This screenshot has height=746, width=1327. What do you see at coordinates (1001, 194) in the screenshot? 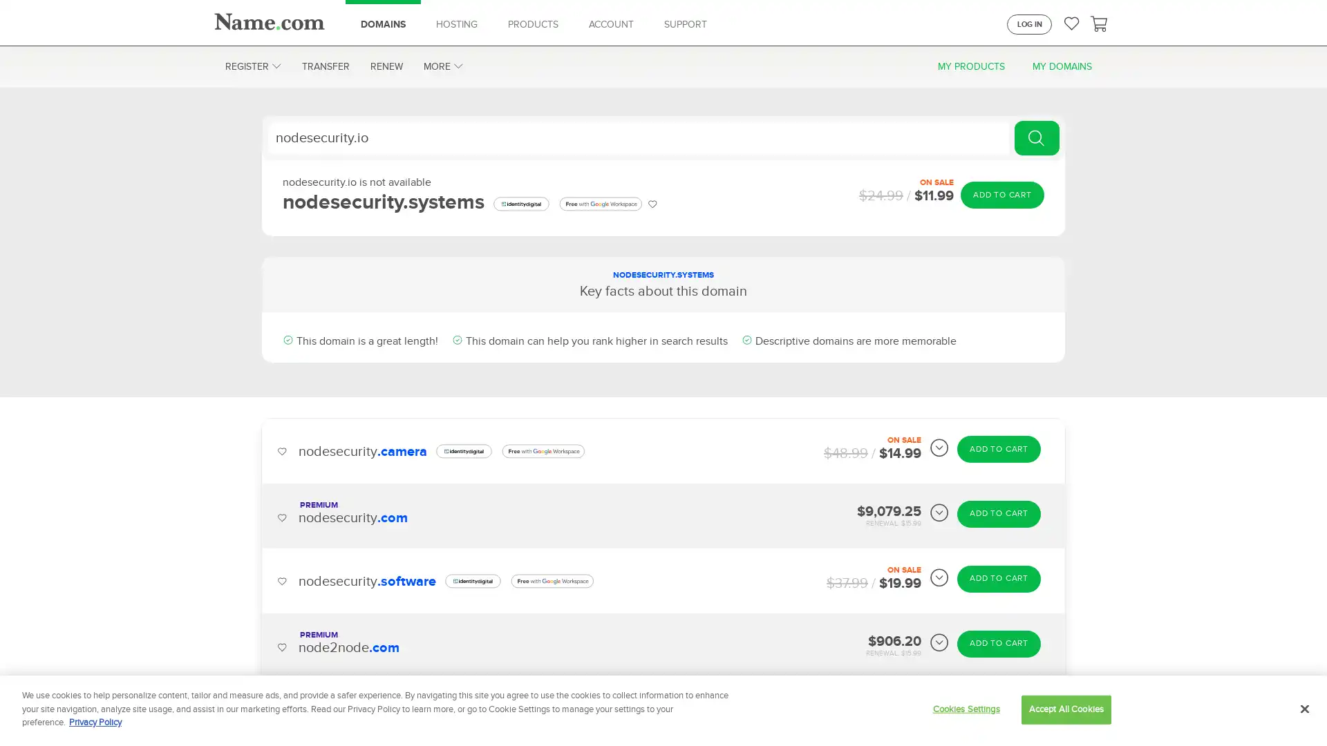
I see `ADD TO CART` at bounding box center [1001, 194].